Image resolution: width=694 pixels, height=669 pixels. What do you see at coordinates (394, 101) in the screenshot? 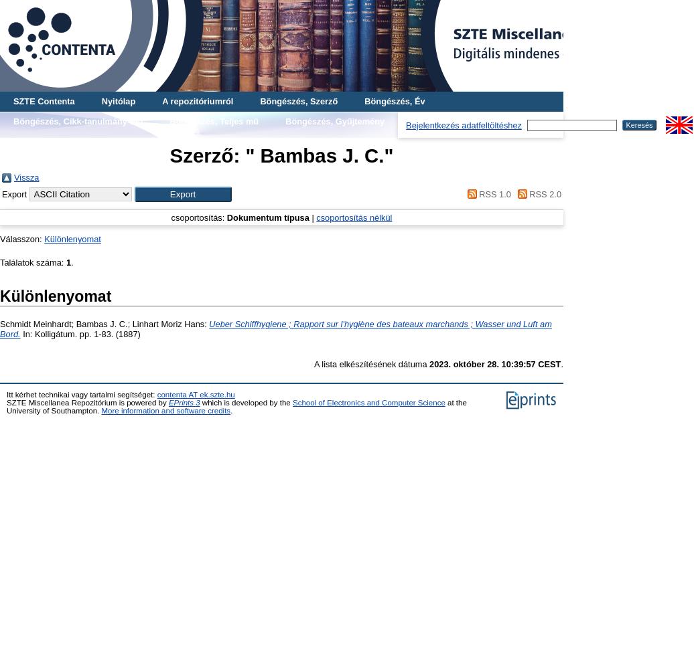
I see `'Böngészés, Év'` at bounding box center [394, 101].